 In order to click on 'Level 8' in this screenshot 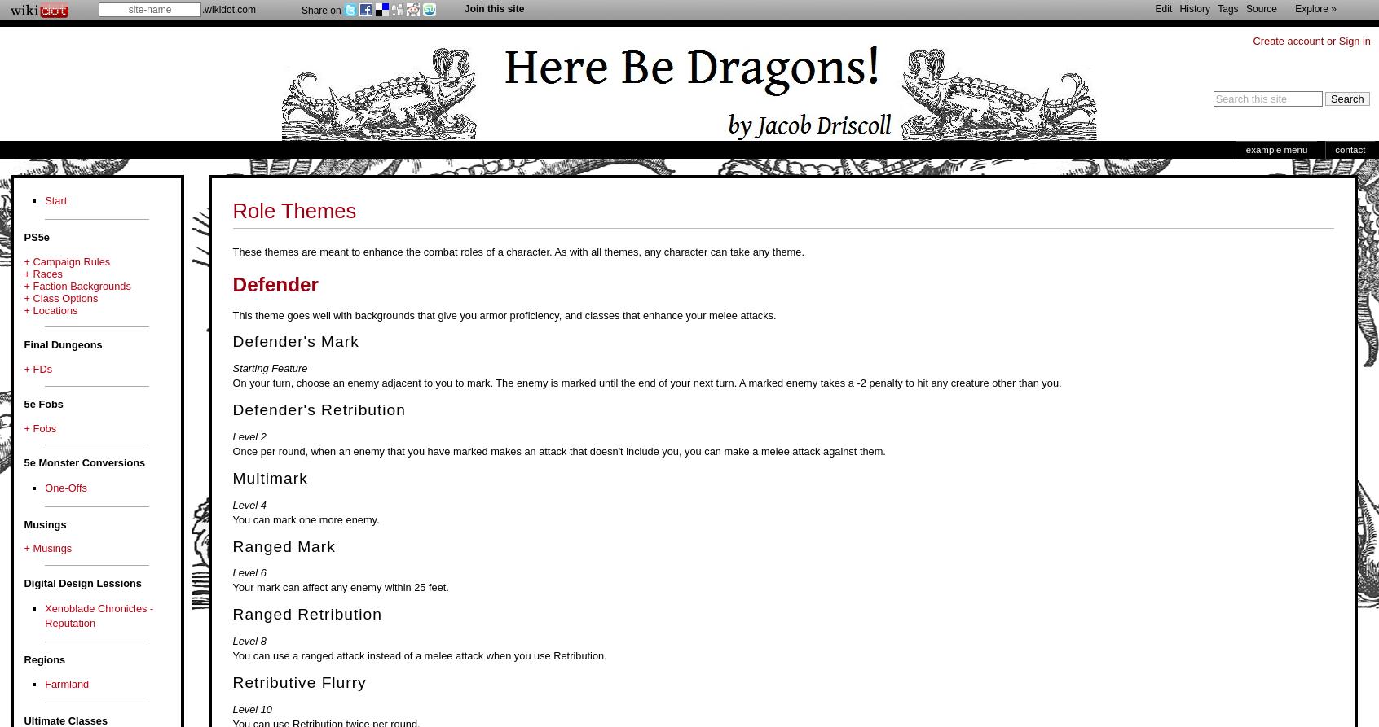, I will do `click(248, 640)`.